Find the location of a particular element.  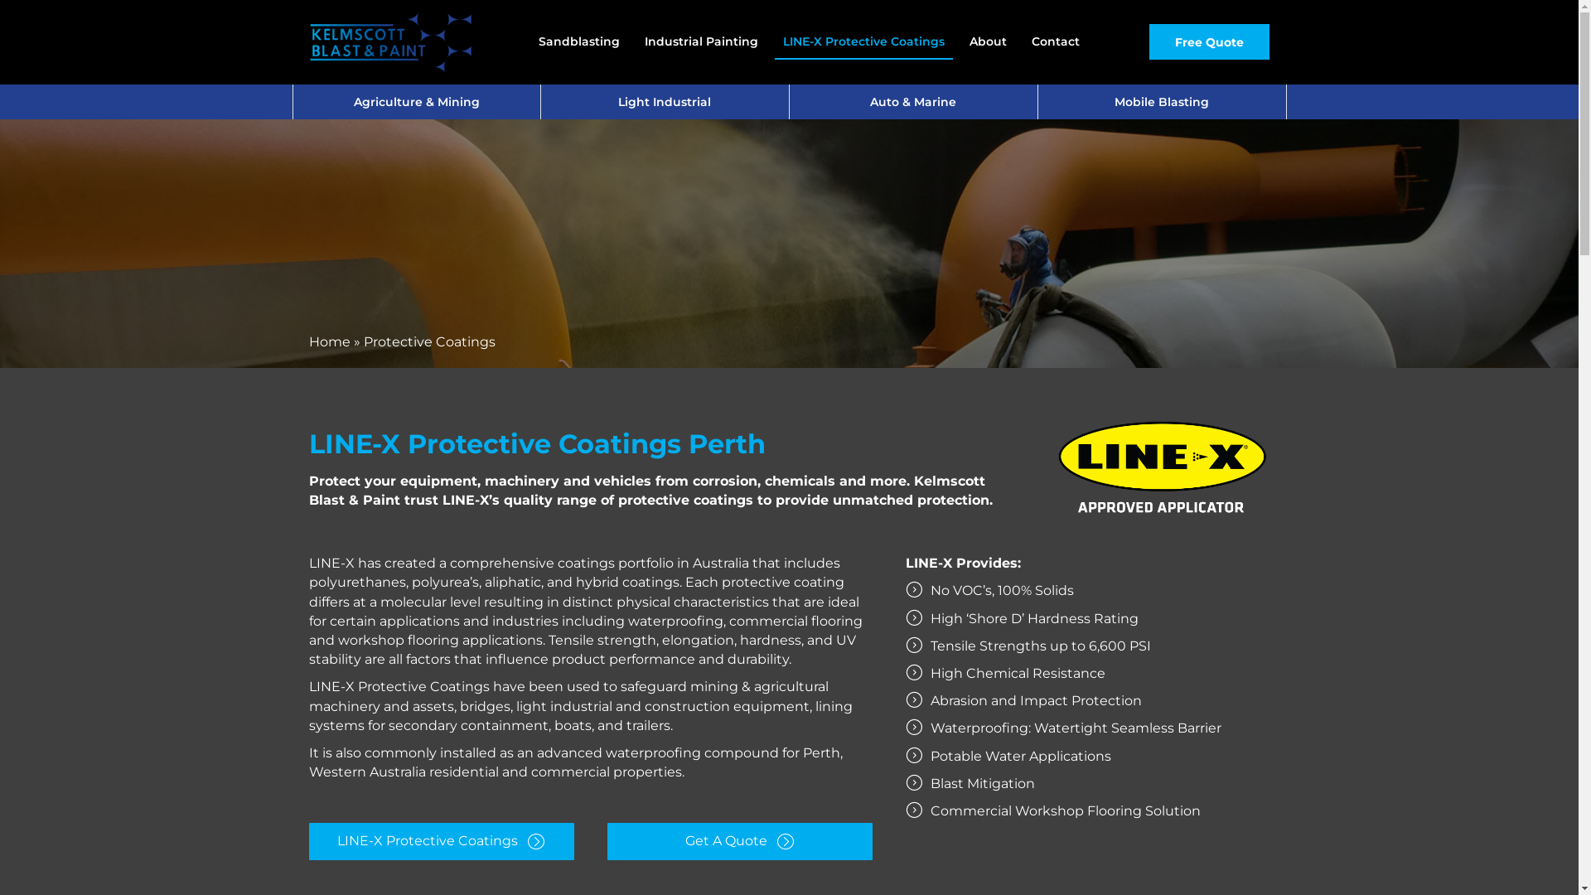

'Agriculture & Mining' is located at coordinates (416, 102).